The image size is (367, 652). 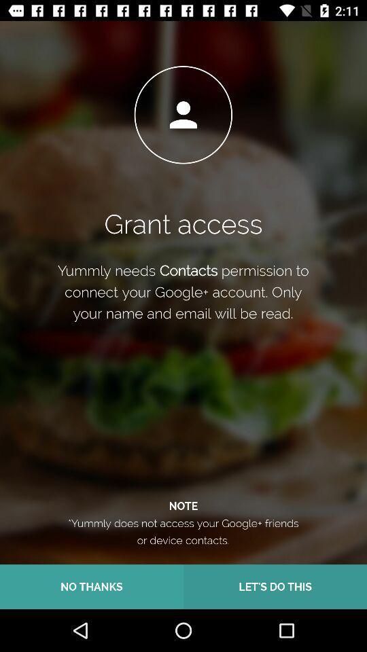 I want to click on item next to no thanks icon, so click(x=275, y=586).